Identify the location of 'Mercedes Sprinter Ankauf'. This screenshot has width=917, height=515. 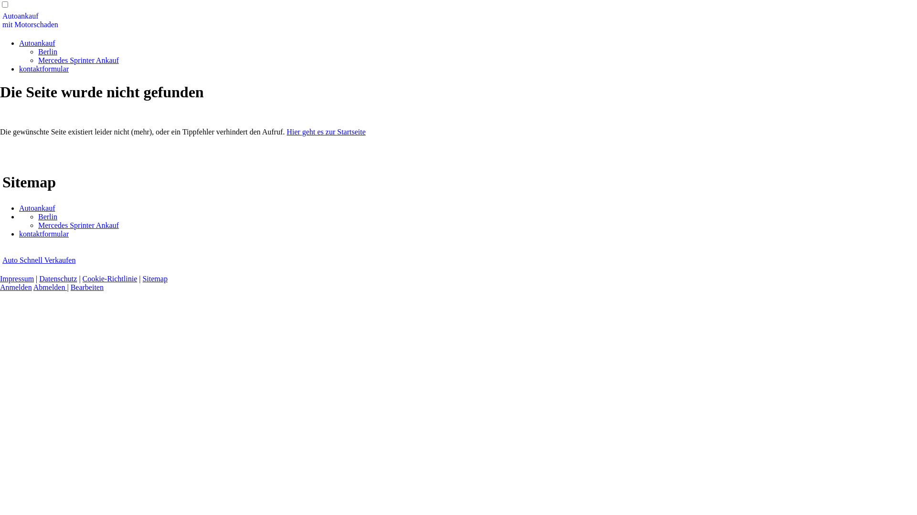
(78, 225).